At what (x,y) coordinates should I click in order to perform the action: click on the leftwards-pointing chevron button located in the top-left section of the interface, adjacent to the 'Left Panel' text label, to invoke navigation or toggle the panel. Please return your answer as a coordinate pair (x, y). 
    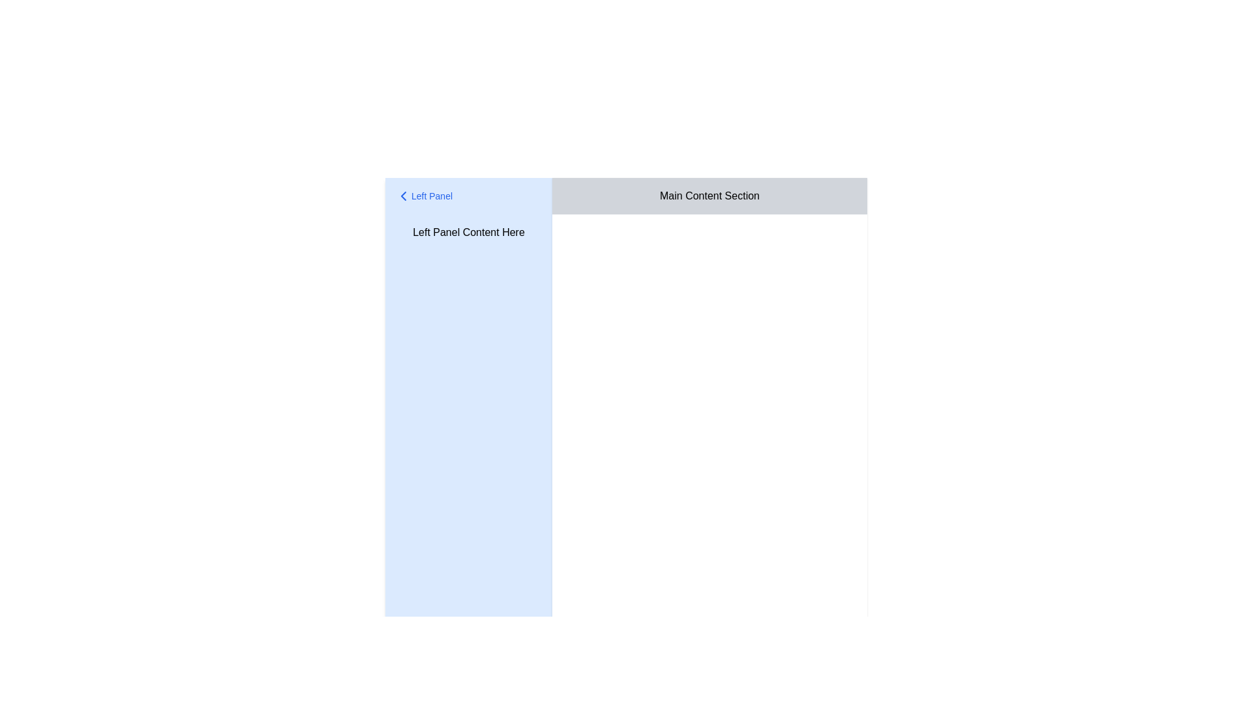
    Looking at the image, I should click on (403, 196).